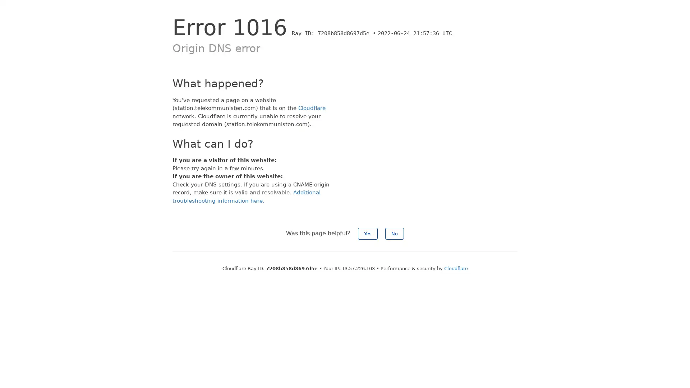  What do you see at coordinates (368, 234) in the screenshot?
I see `Yes` at bounding box center [368, 234].